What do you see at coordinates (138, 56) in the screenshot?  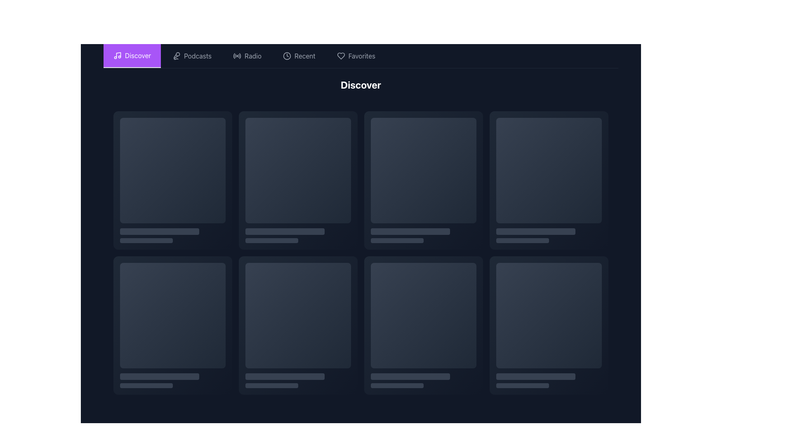 I see `the 'Discover' text label, which is styled in white font on a purple background` at bounding box center [138, 56].